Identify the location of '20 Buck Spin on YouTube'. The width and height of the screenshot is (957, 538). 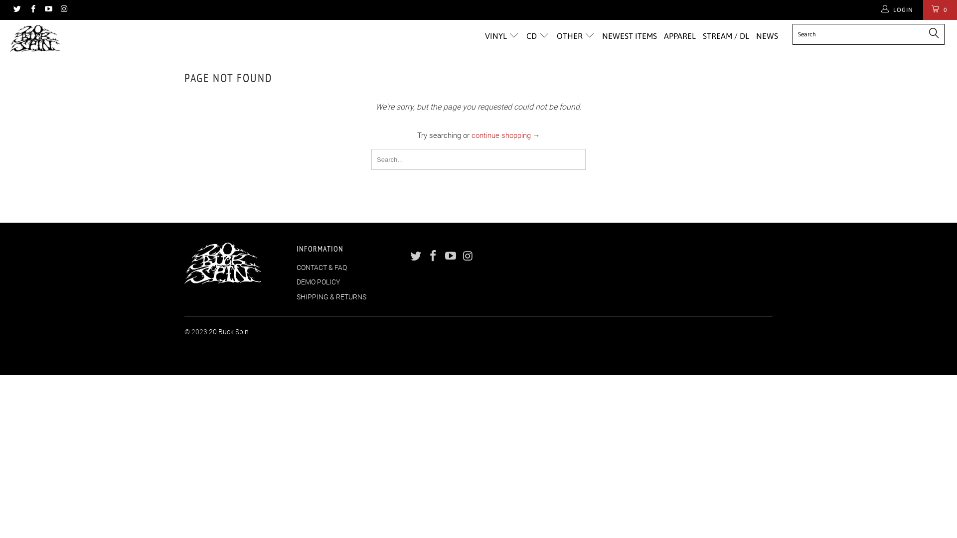
(450, 256).